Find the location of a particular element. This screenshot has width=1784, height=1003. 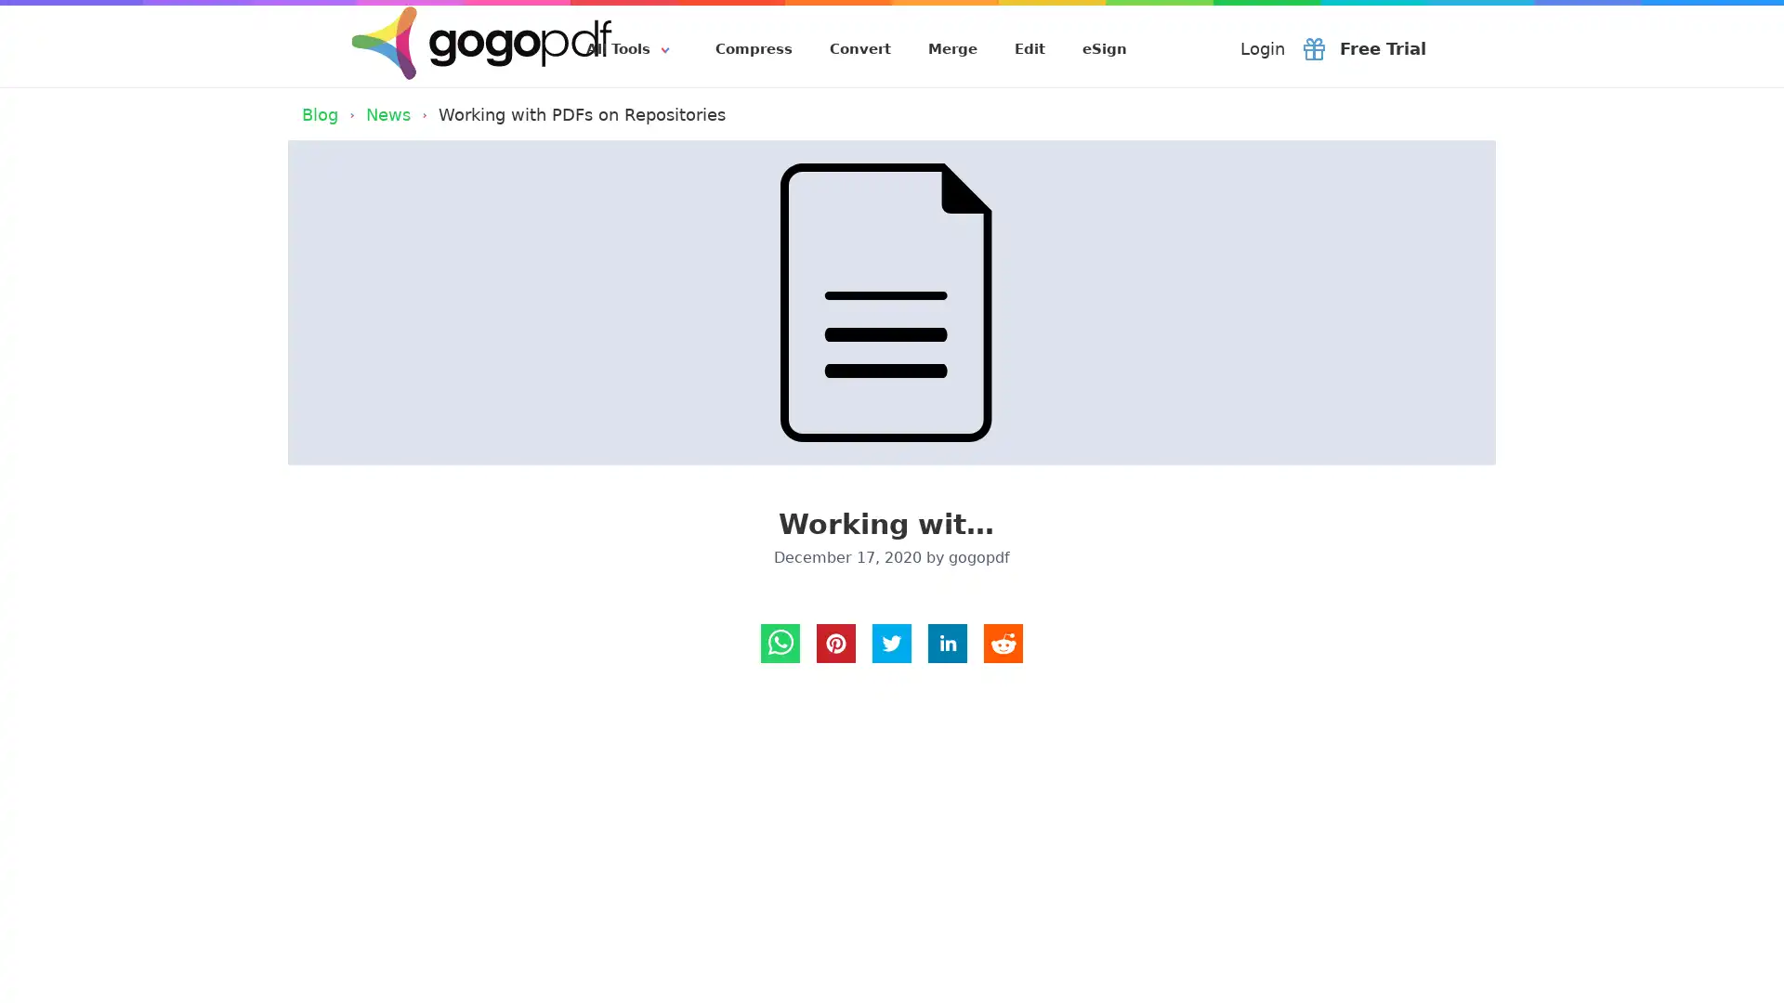

whatsapp is located at coordinates (780, 643).